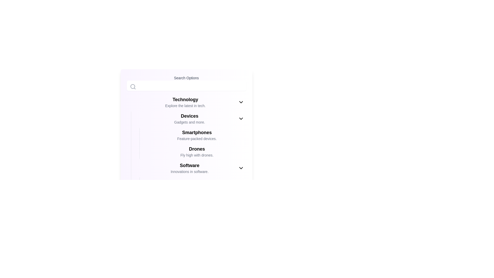  Describe the element at coordinates (189, 119) in the screenshot. I see `the 'Devices' text block which indicates a category related to 'Devices' with the description 'Gadgets and more.'` at that location.